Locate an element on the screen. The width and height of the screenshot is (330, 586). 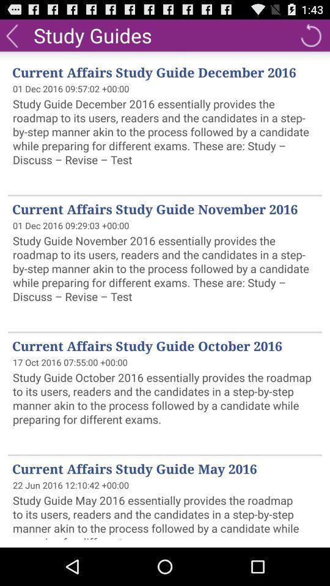
item above the current affairs study icon is located at coordinates (92, 34).